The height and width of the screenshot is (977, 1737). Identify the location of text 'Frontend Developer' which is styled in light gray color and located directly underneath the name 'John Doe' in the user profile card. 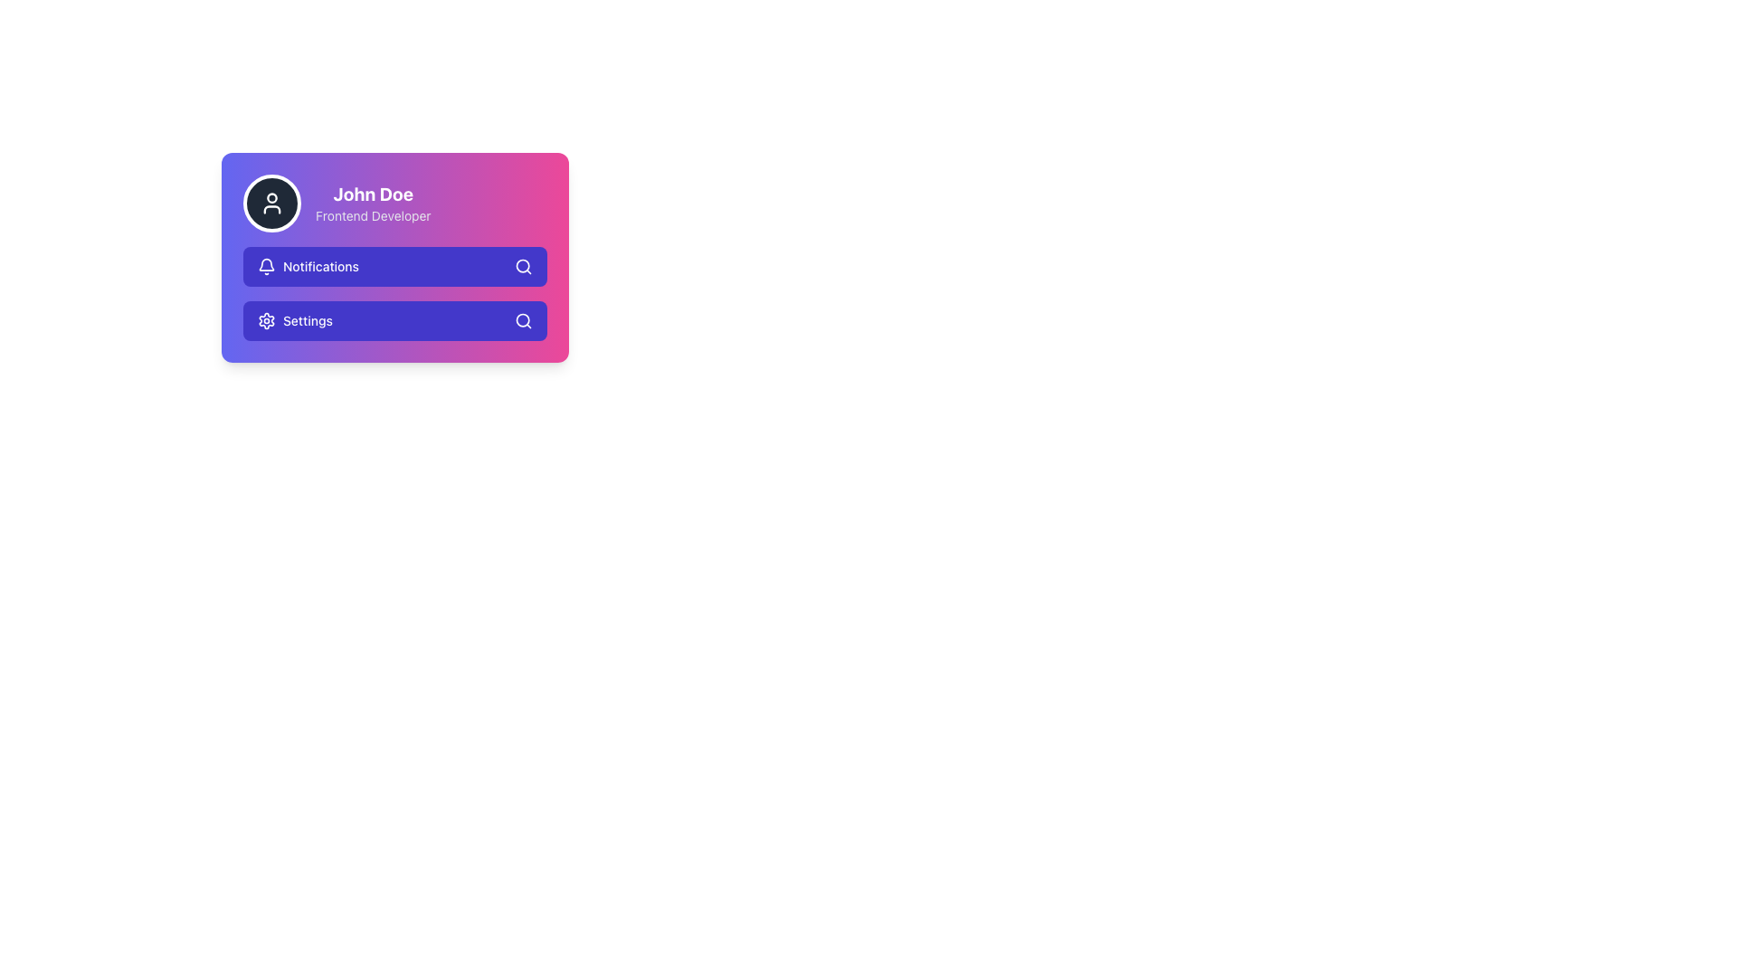
(372, 215).